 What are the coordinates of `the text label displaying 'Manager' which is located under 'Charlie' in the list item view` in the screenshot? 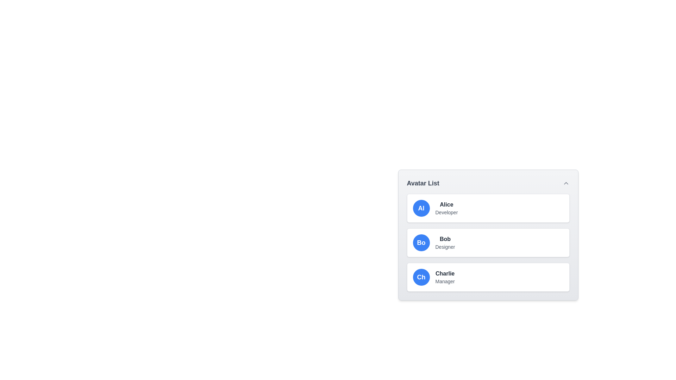 It's located at (445, 281).